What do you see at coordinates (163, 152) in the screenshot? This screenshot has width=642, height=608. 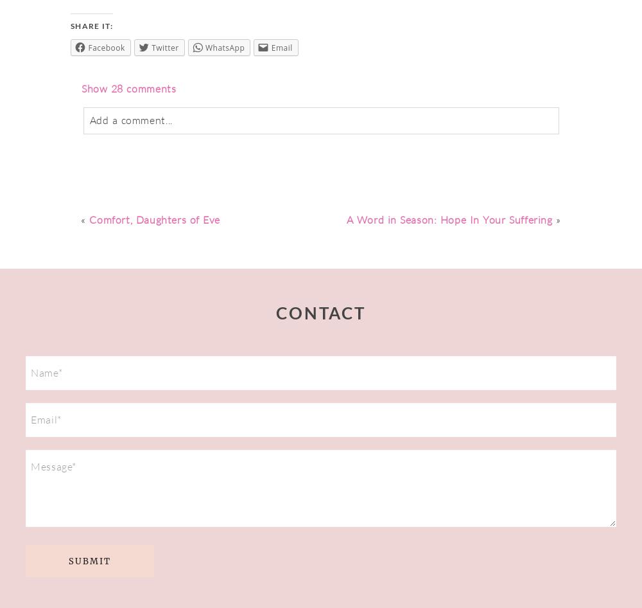 I see `'never'` at bounding box center [163, 152].